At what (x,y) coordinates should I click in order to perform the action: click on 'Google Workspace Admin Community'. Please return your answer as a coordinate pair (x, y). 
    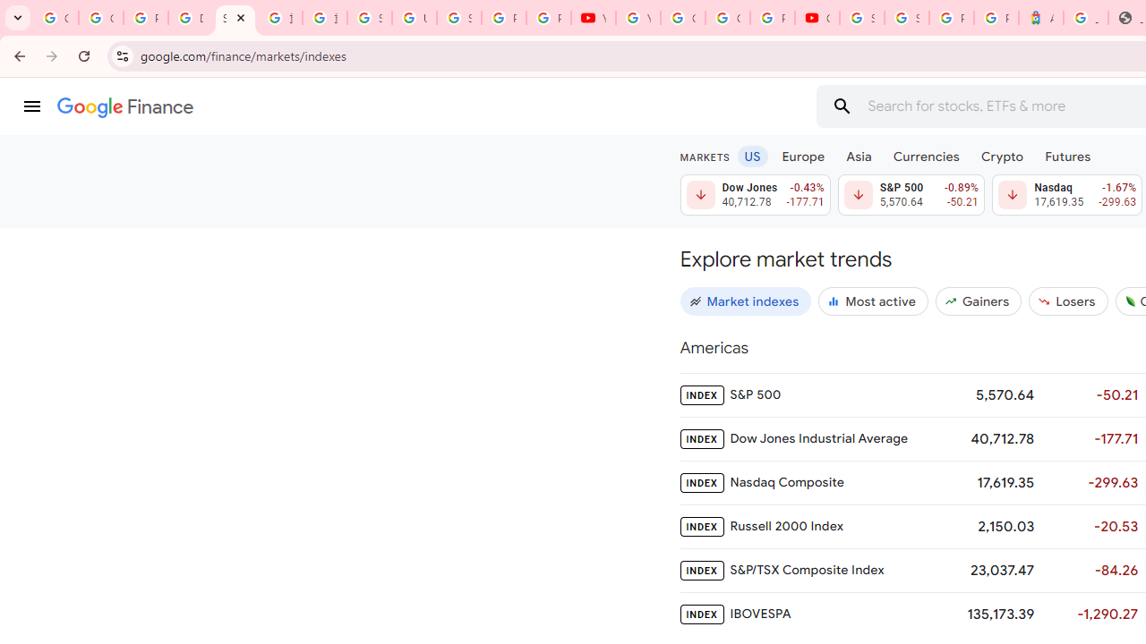
    Looking at the image, I should click on (56, 18).